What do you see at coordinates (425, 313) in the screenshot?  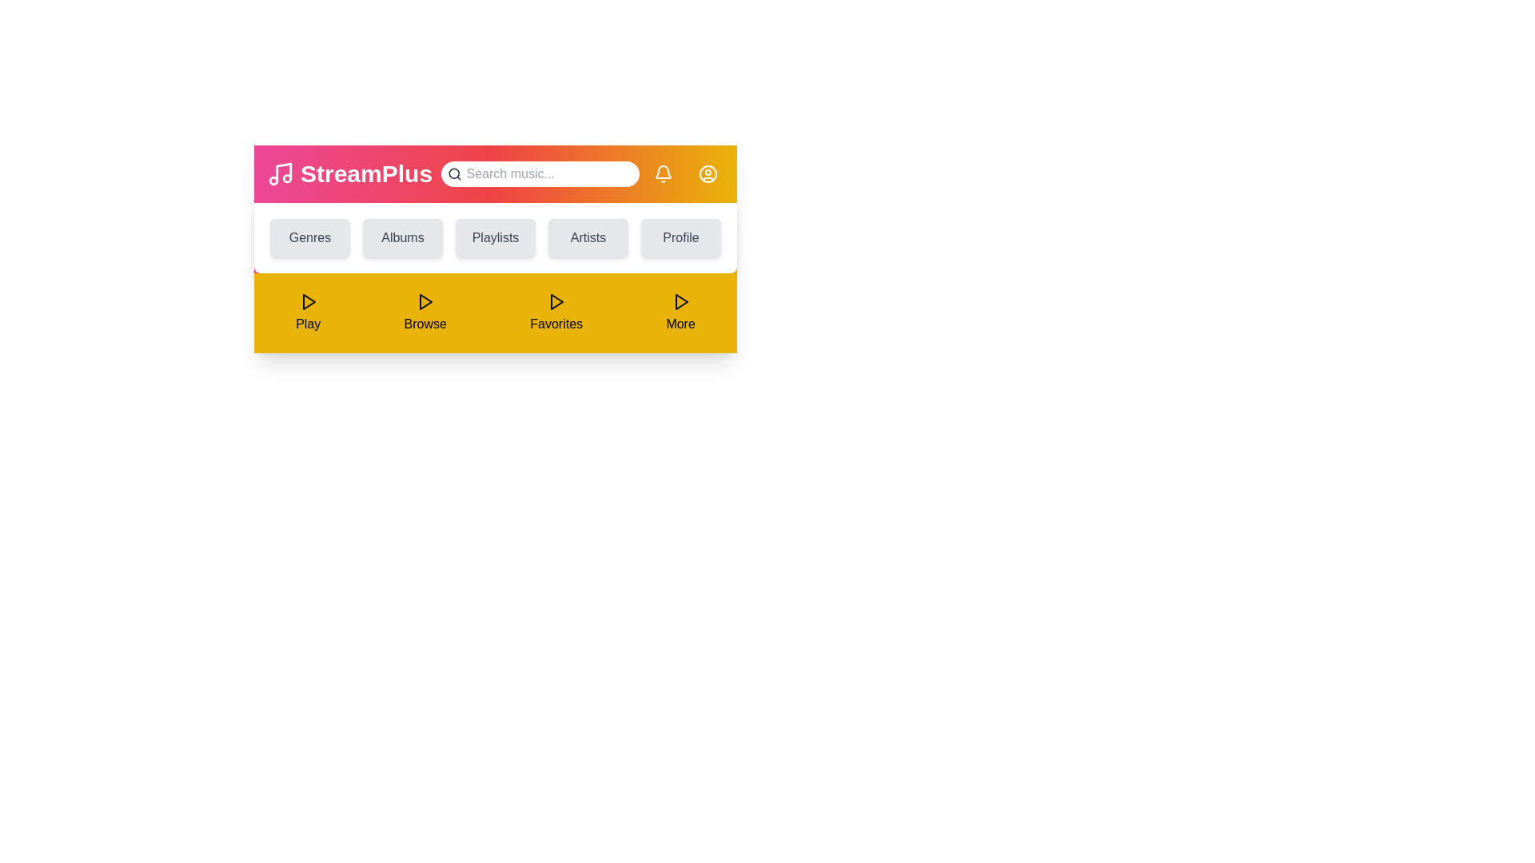 I see `the 'Browse' button located in the footer of the component` at bounding box center [425, 313].